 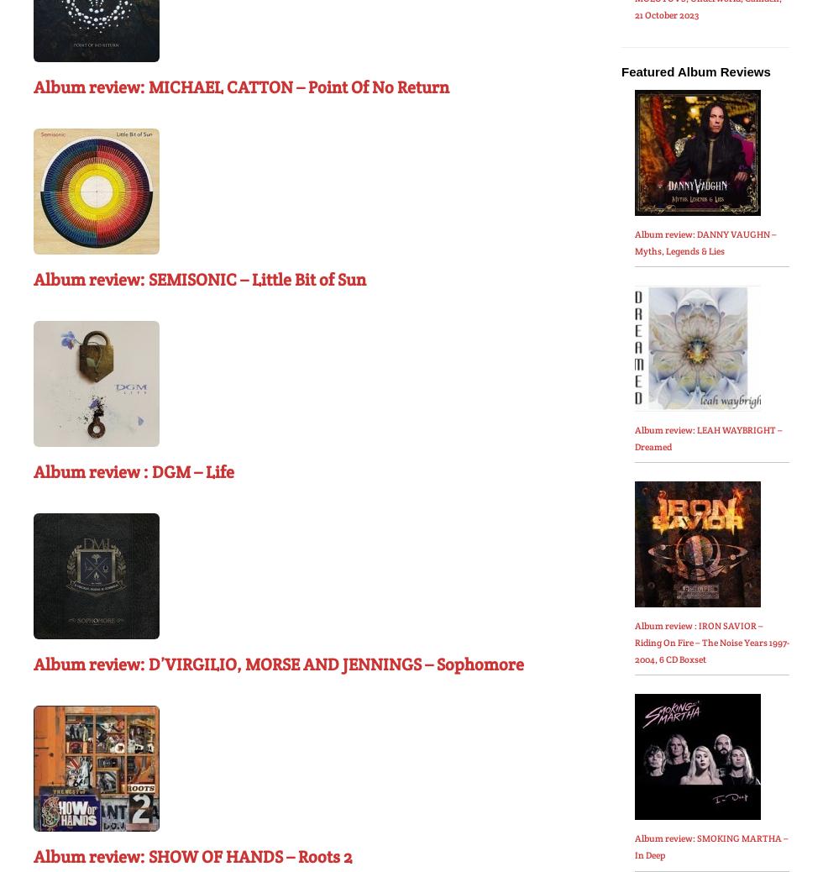 I want to click on 'Featured Album Reviews', so click(x=695, y=70).